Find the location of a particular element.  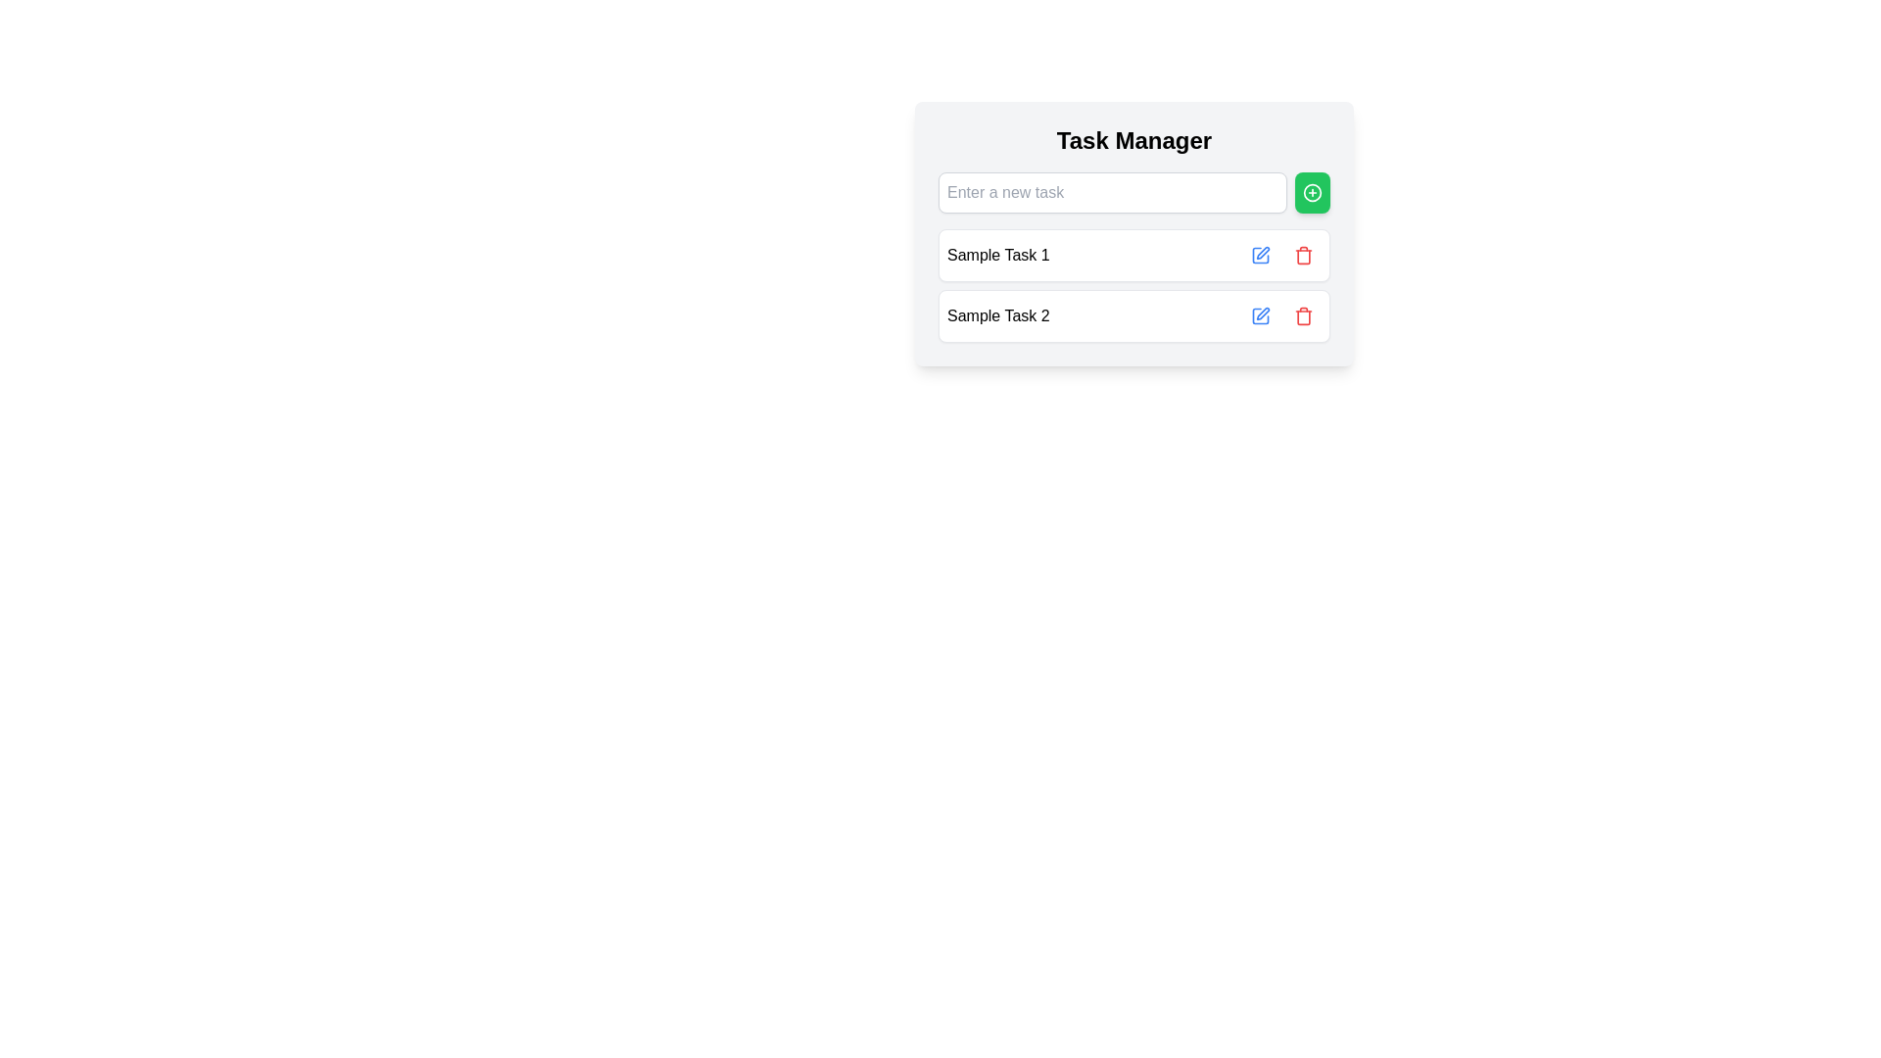

the first text label in the upper section of the task list interface that displays the name or title of a task is located at coordinates (998, 255).